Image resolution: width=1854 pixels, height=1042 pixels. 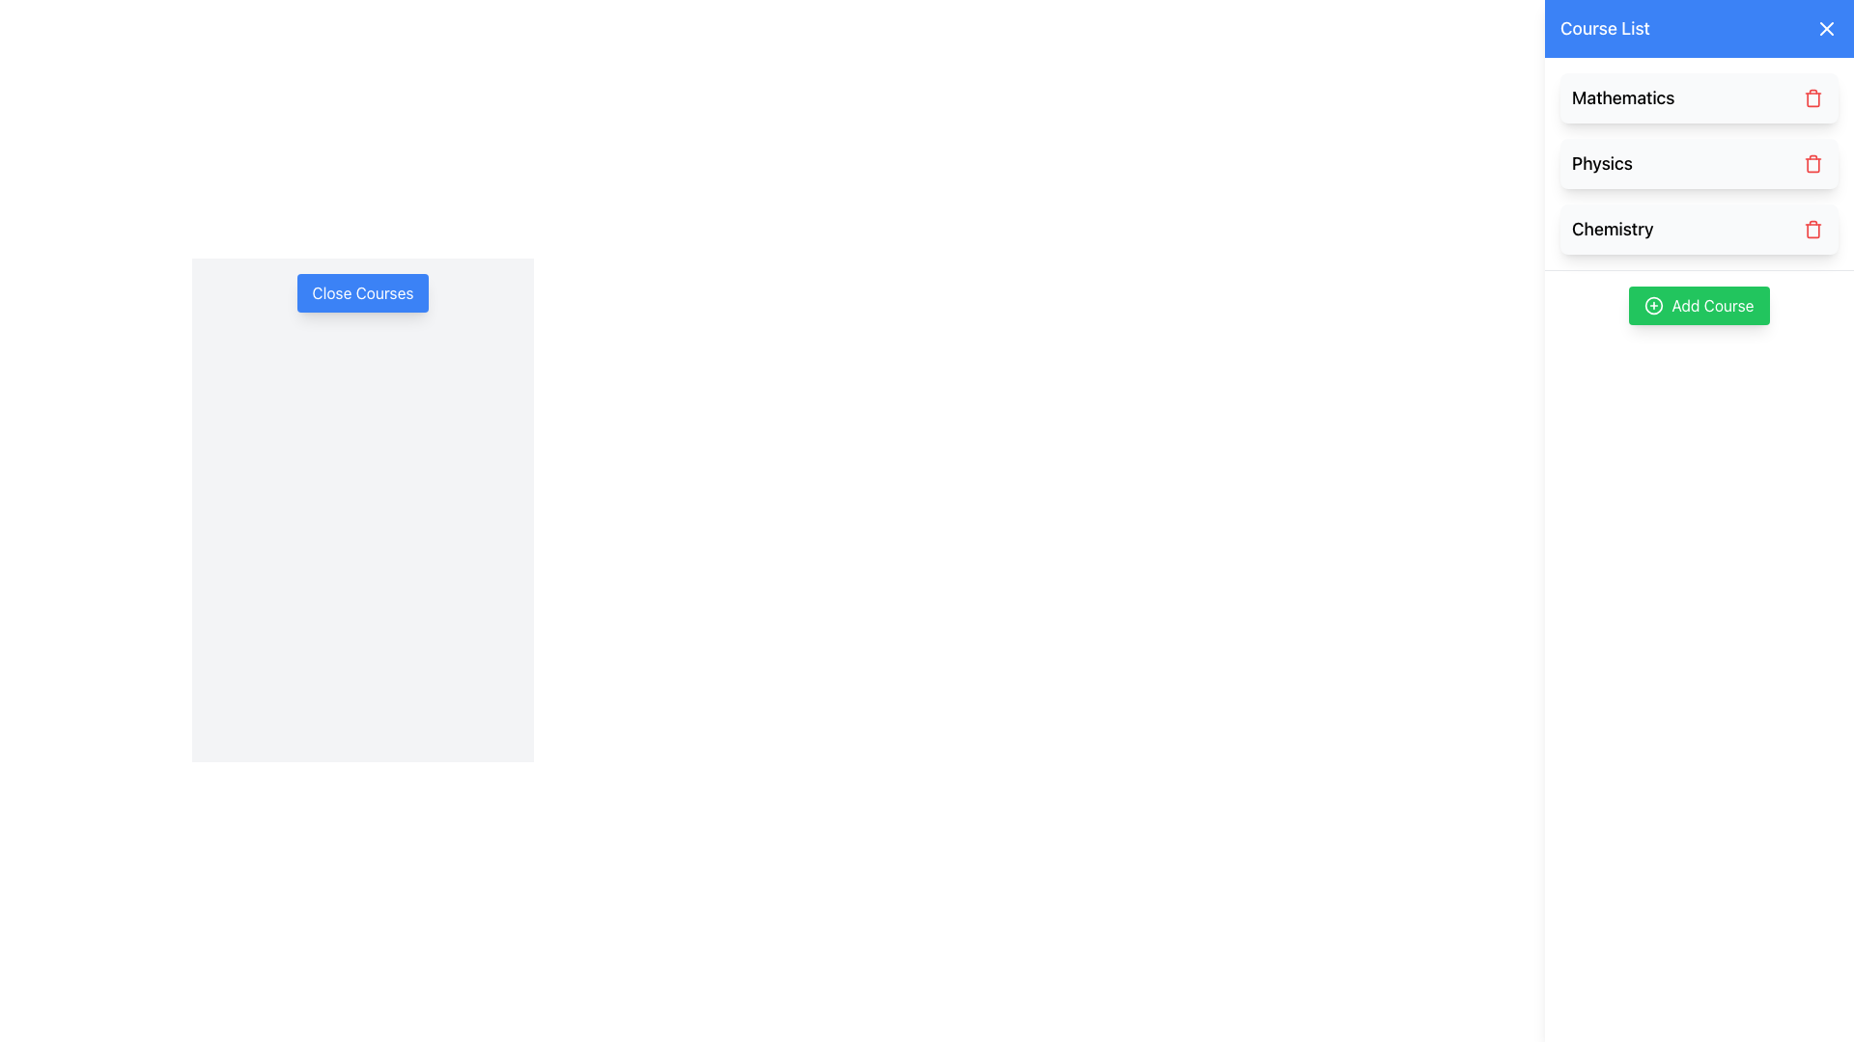 I want to click on the circular green icon with a plus sign that is integrated within the 'Add Course' button, so click(x=1653, y=304).